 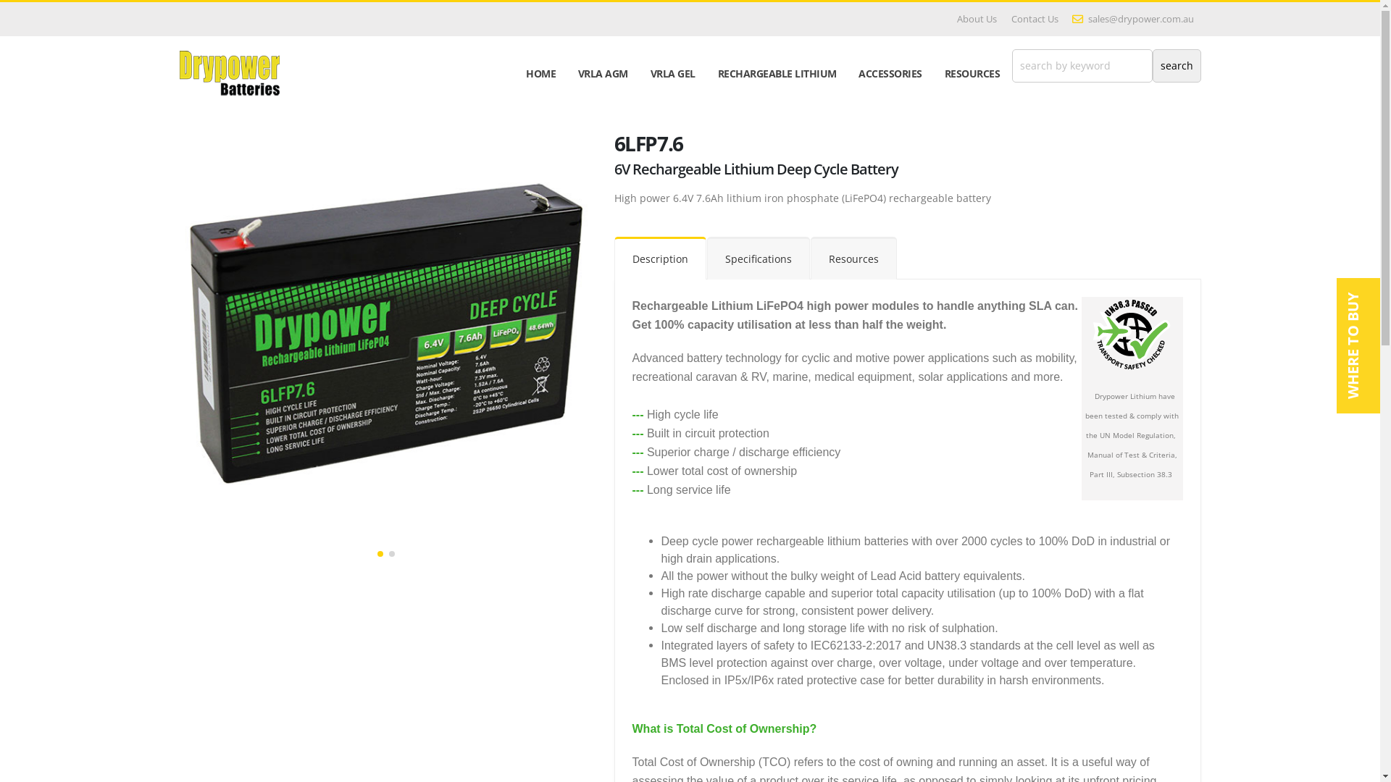 I want to click on 'ACCESSORIES', so click(x=889, y=73).